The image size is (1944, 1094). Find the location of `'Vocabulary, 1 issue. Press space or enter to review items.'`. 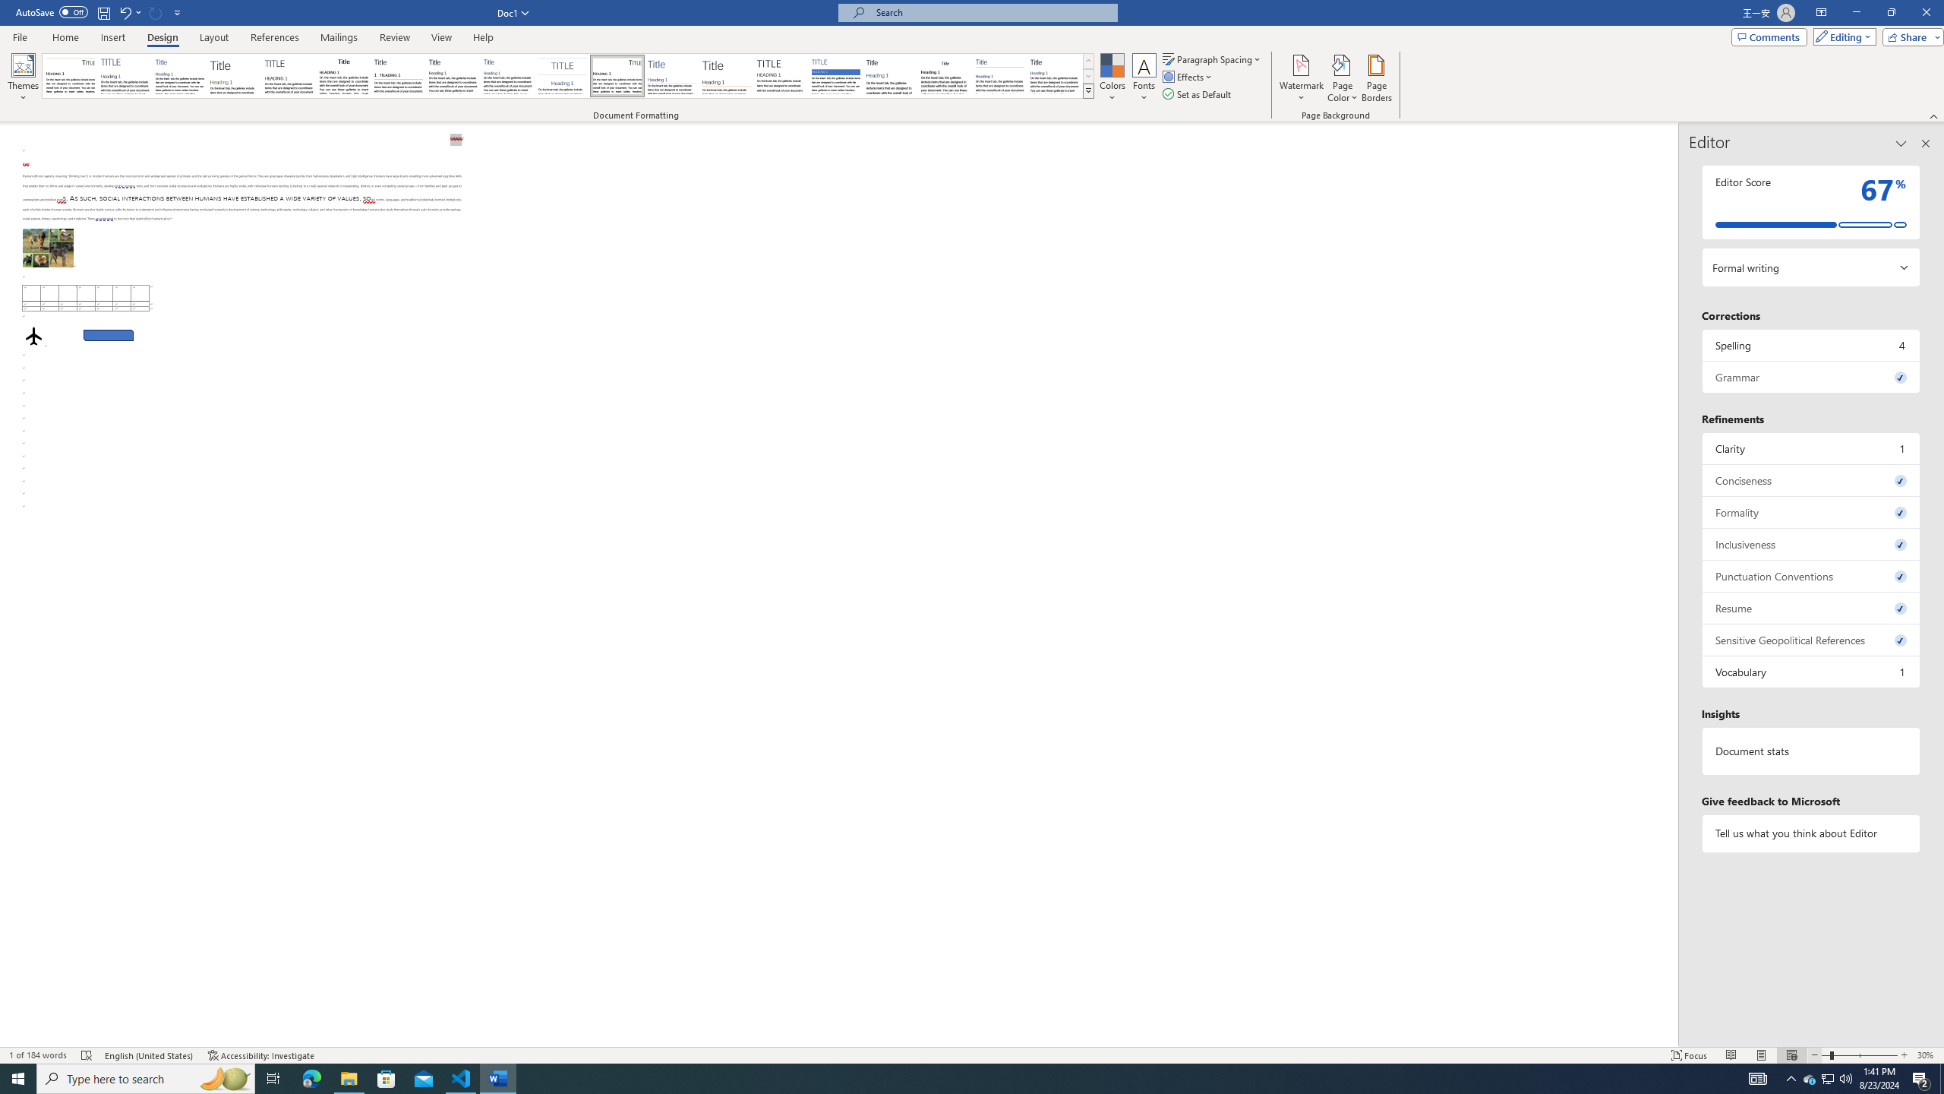

'Vocabulary, 1 issue. Press space or enter to review items.' is located at coordinates (1810, 672).